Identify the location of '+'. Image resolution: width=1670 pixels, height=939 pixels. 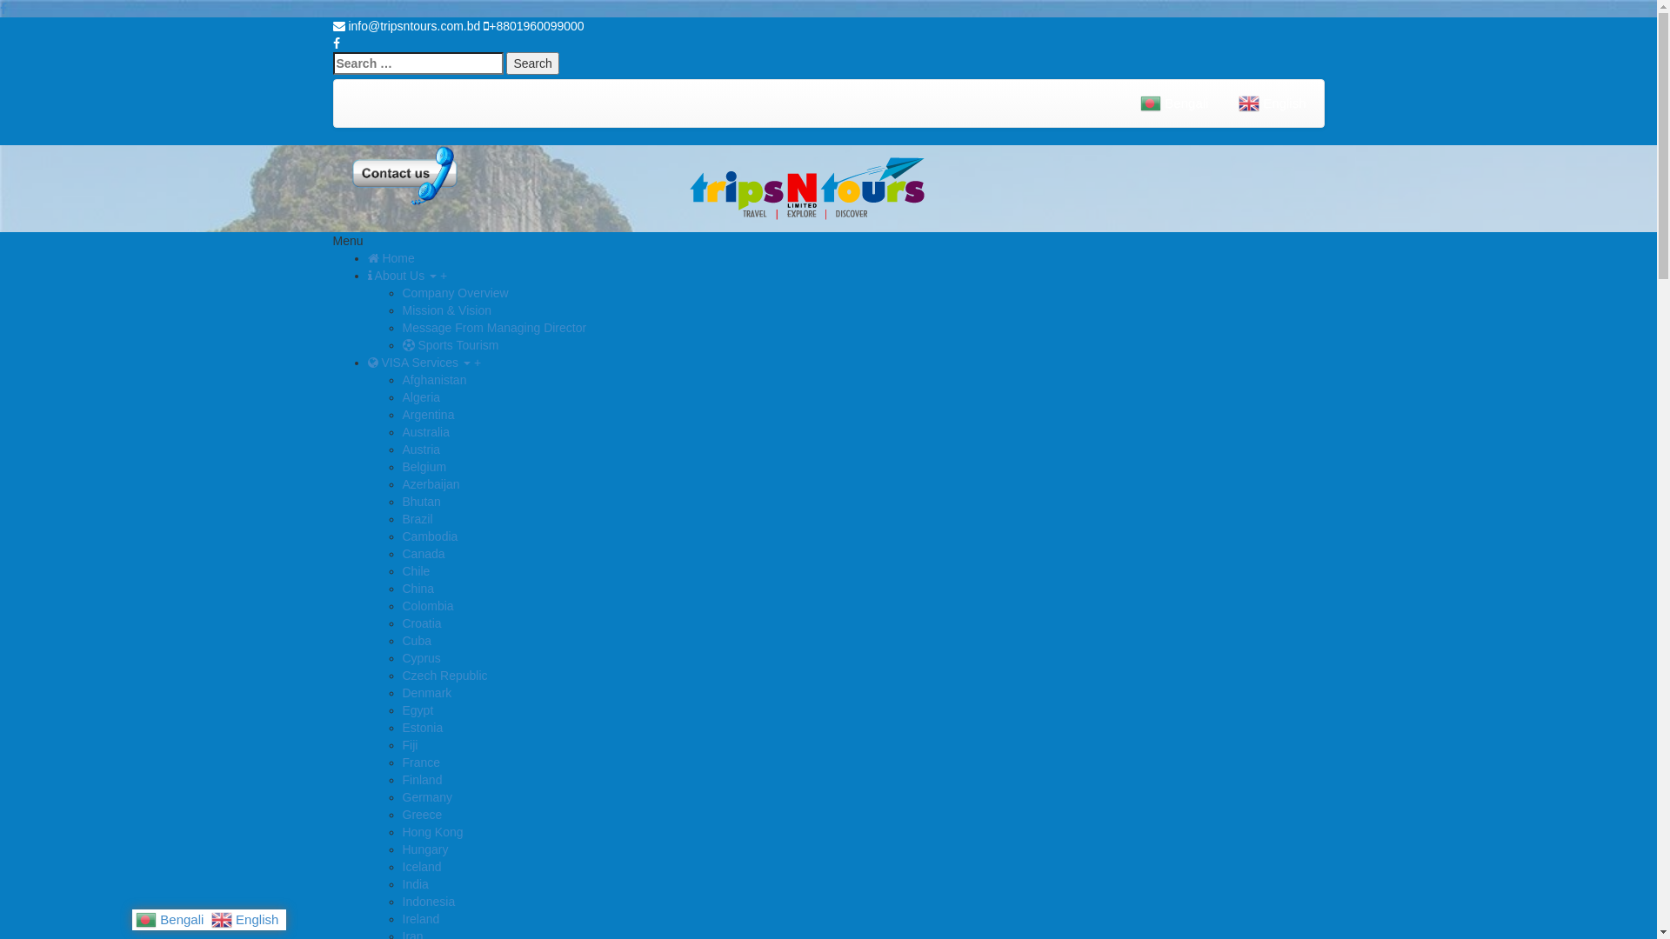
(477, 361).